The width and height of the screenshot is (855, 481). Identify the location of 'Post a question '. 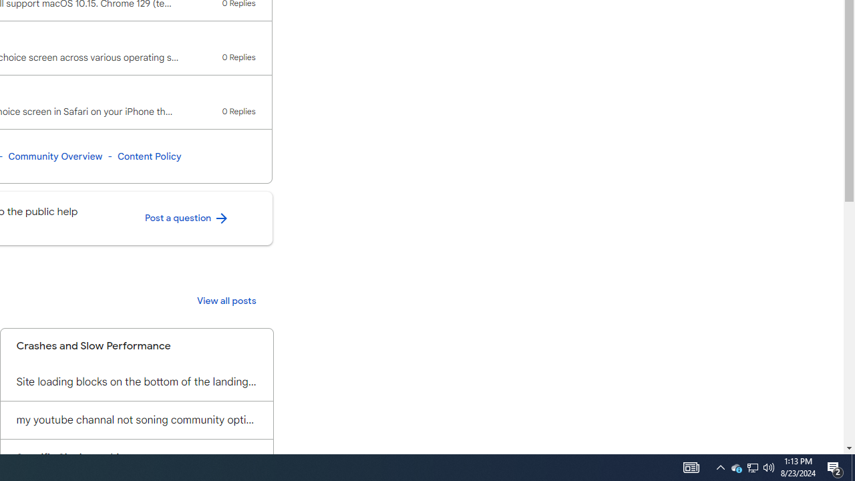
(186, 218).